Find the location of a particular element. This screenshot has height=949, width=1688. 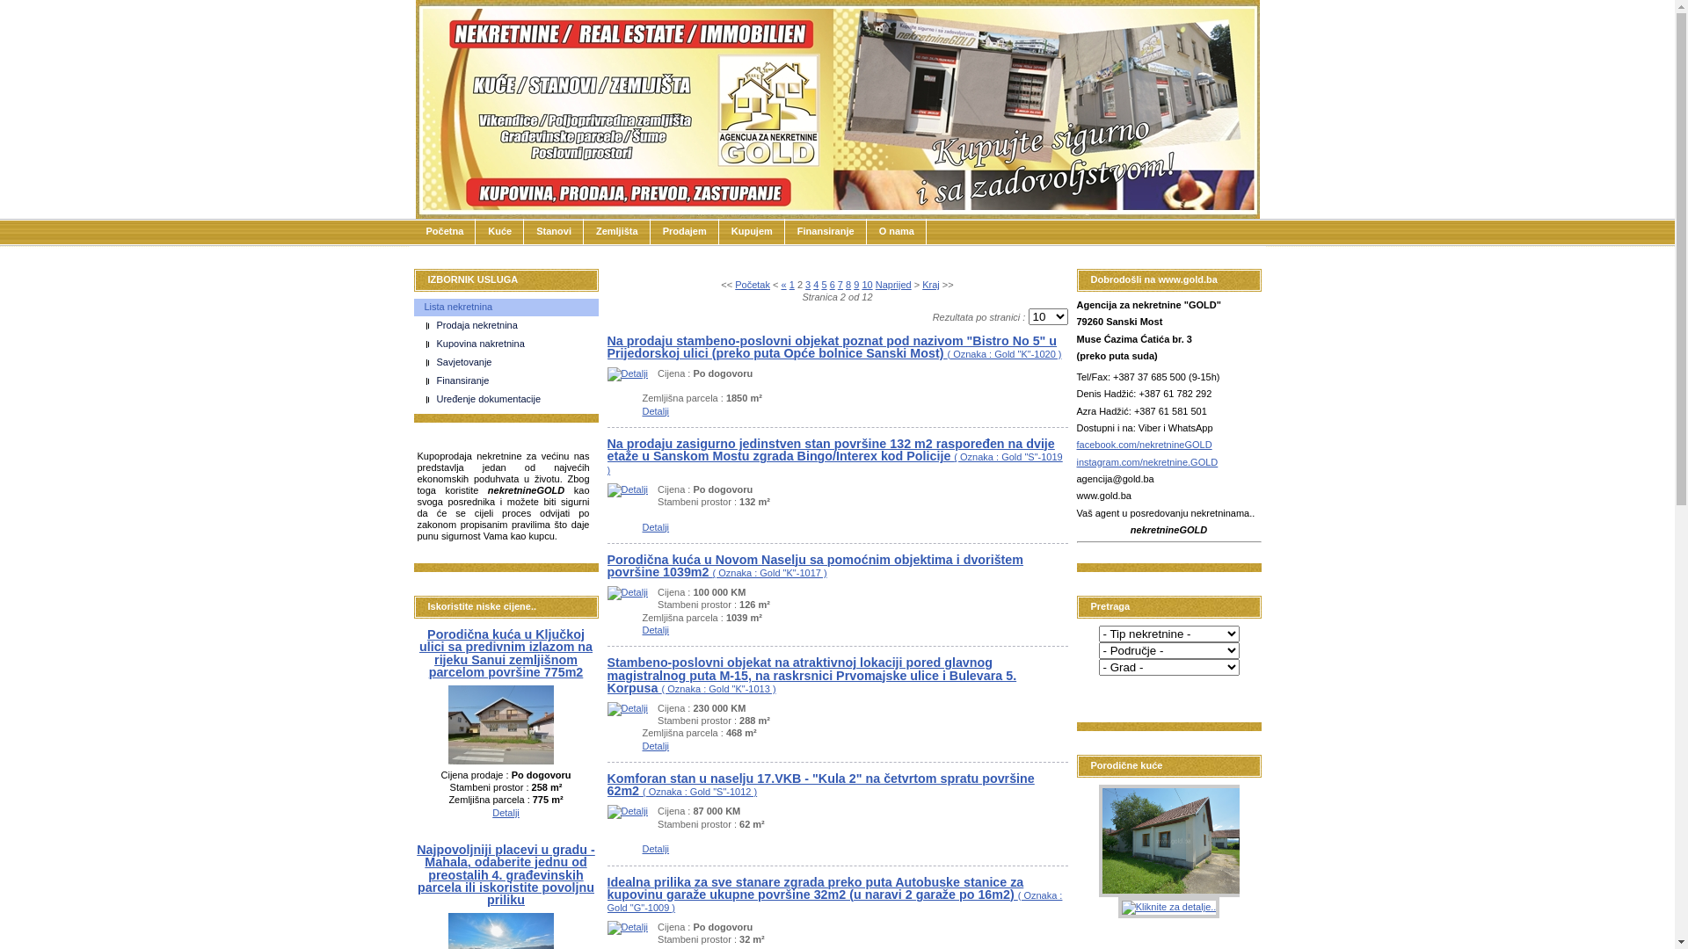

'Lista nekretnina' is located at coordinates (412, 307).